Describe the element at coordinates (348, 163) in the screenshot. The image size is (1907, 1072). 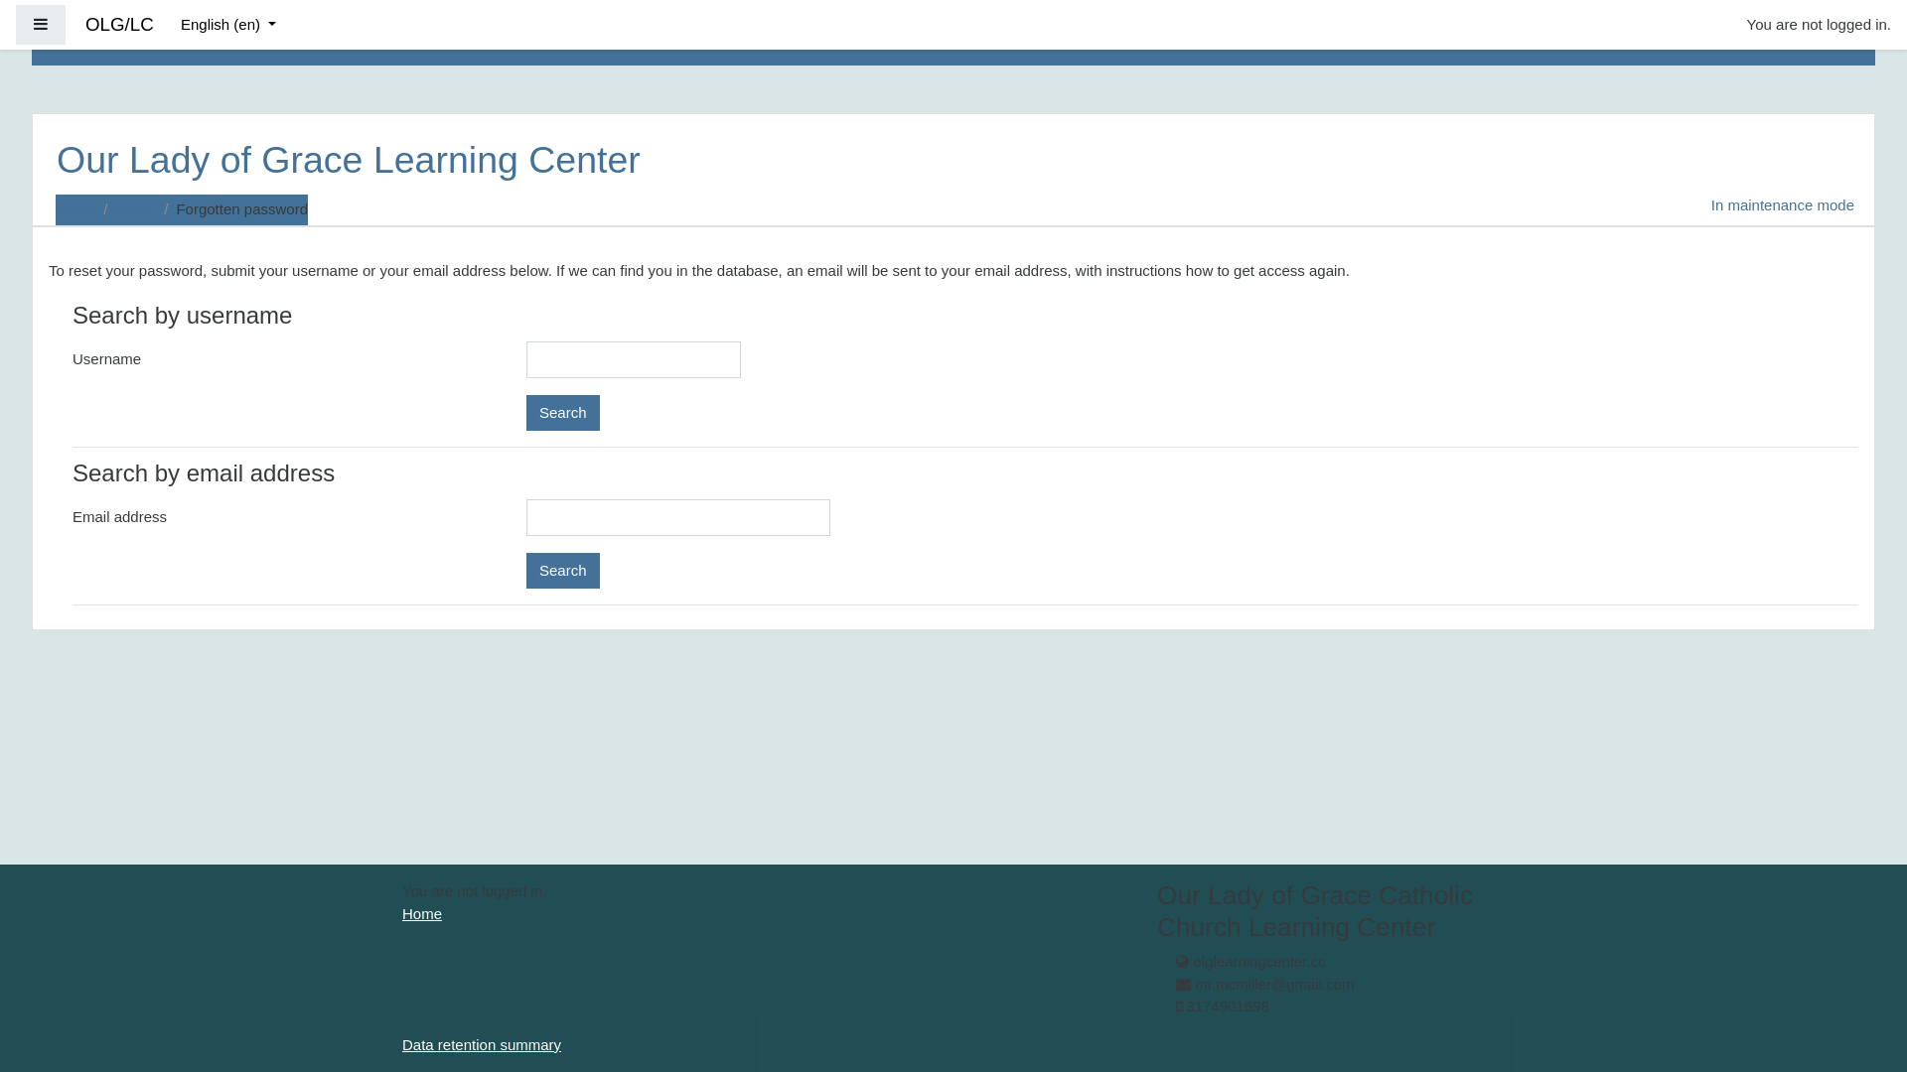
I see `'Our Lady of Grace Learning Center'` at that location.